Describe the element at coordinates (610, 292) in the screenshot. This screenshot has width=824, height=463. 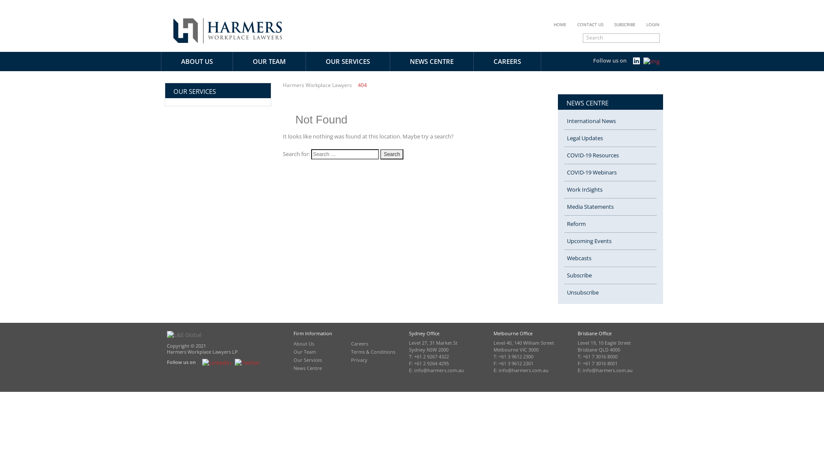
I see `'Unsubscribe'` at that location.